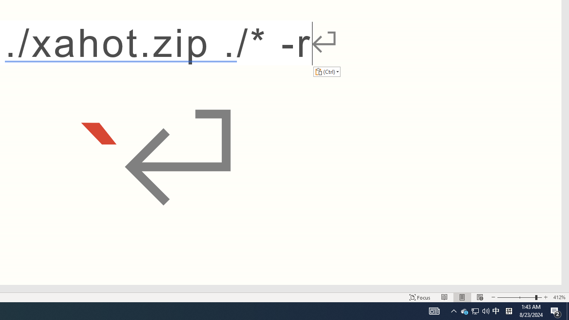 The height and width of the screenshot is (320, 569). I want to click on 'Action: Paste alternatives', so click(326, 71).